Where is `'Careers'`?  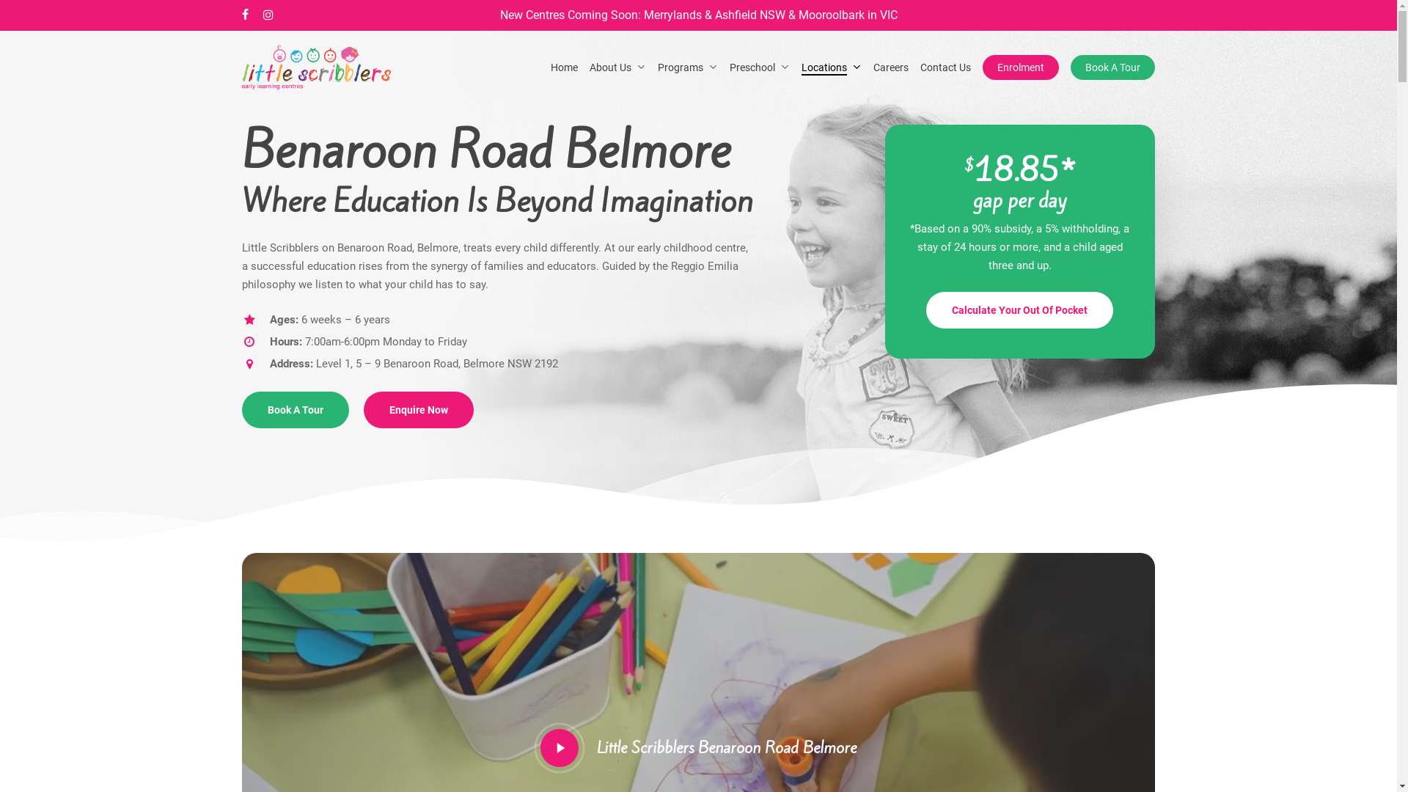 'Careers' is located at coordinates (890, 67).